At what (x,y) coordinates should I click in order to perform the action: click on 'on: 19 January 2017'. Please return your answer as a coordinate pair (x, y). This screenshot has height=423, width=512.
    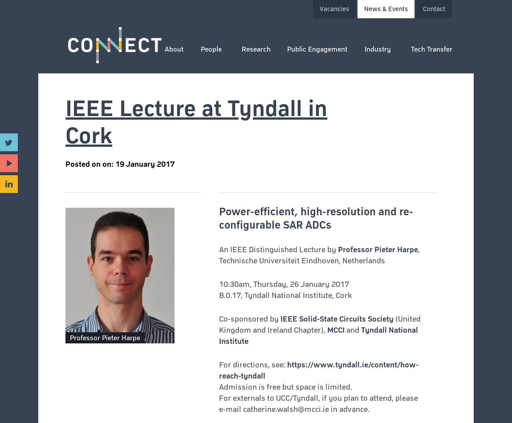
    Looking at the image, I should click on (138, 164).